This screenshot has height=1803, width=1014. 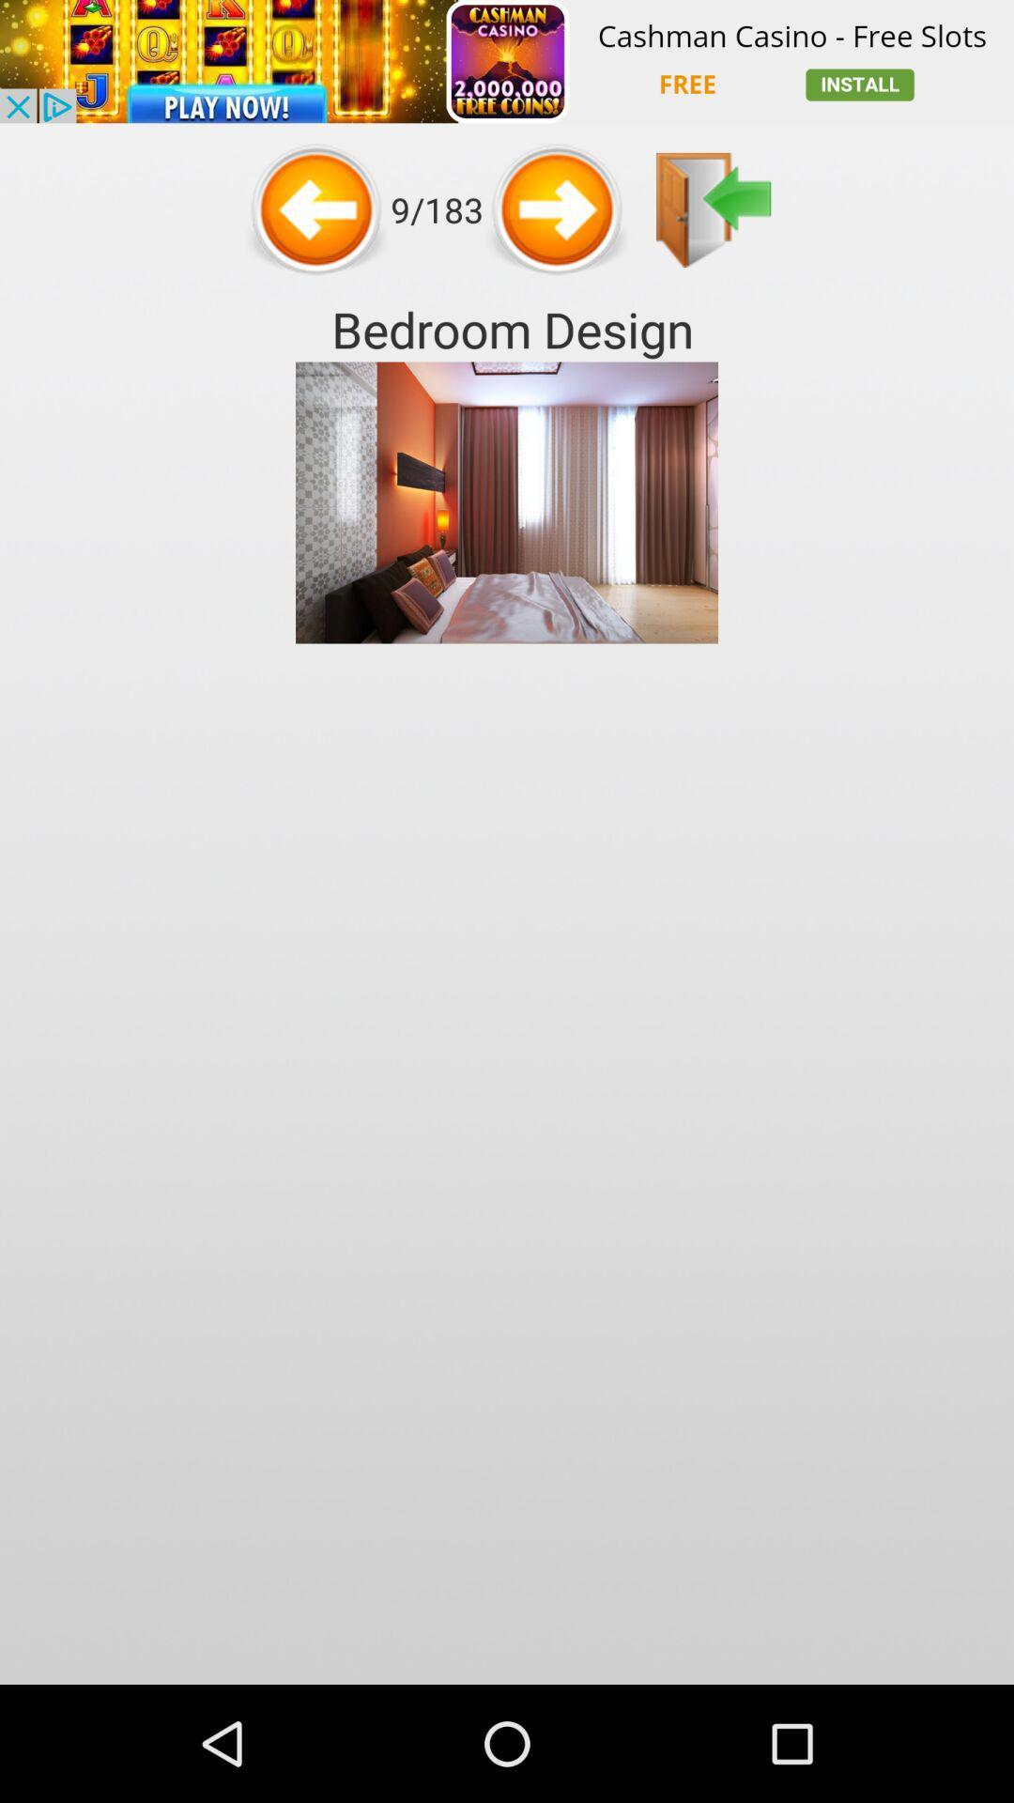 I want to click on open advertisement, so click(x=507, y=61).